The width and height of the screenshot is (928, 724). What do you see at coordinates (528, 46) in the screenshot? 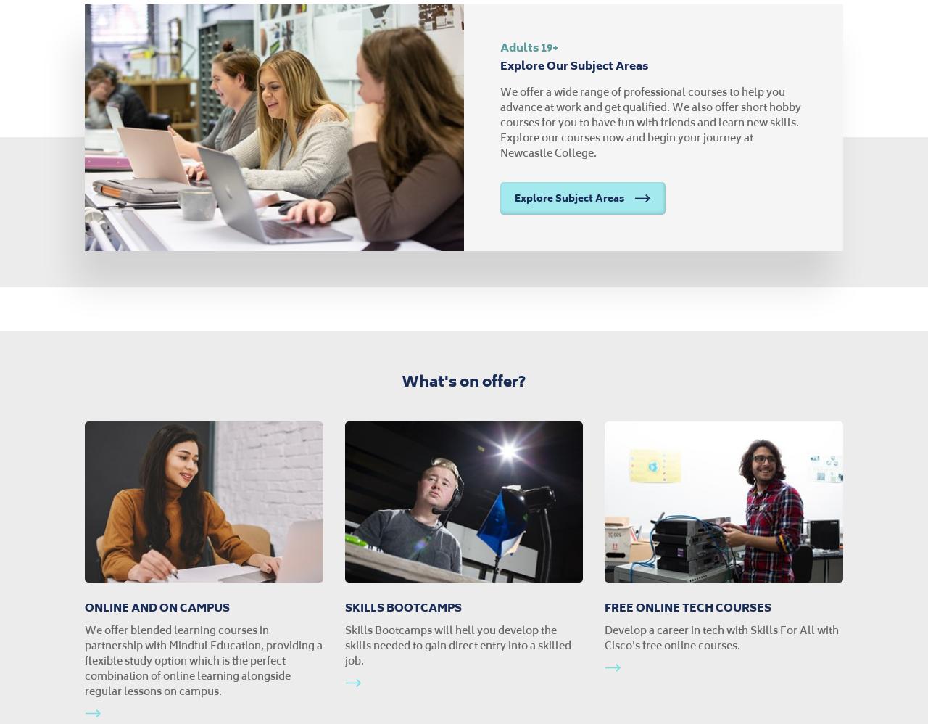
I see `'Adults 19+'` at bounding box center [528, 46].